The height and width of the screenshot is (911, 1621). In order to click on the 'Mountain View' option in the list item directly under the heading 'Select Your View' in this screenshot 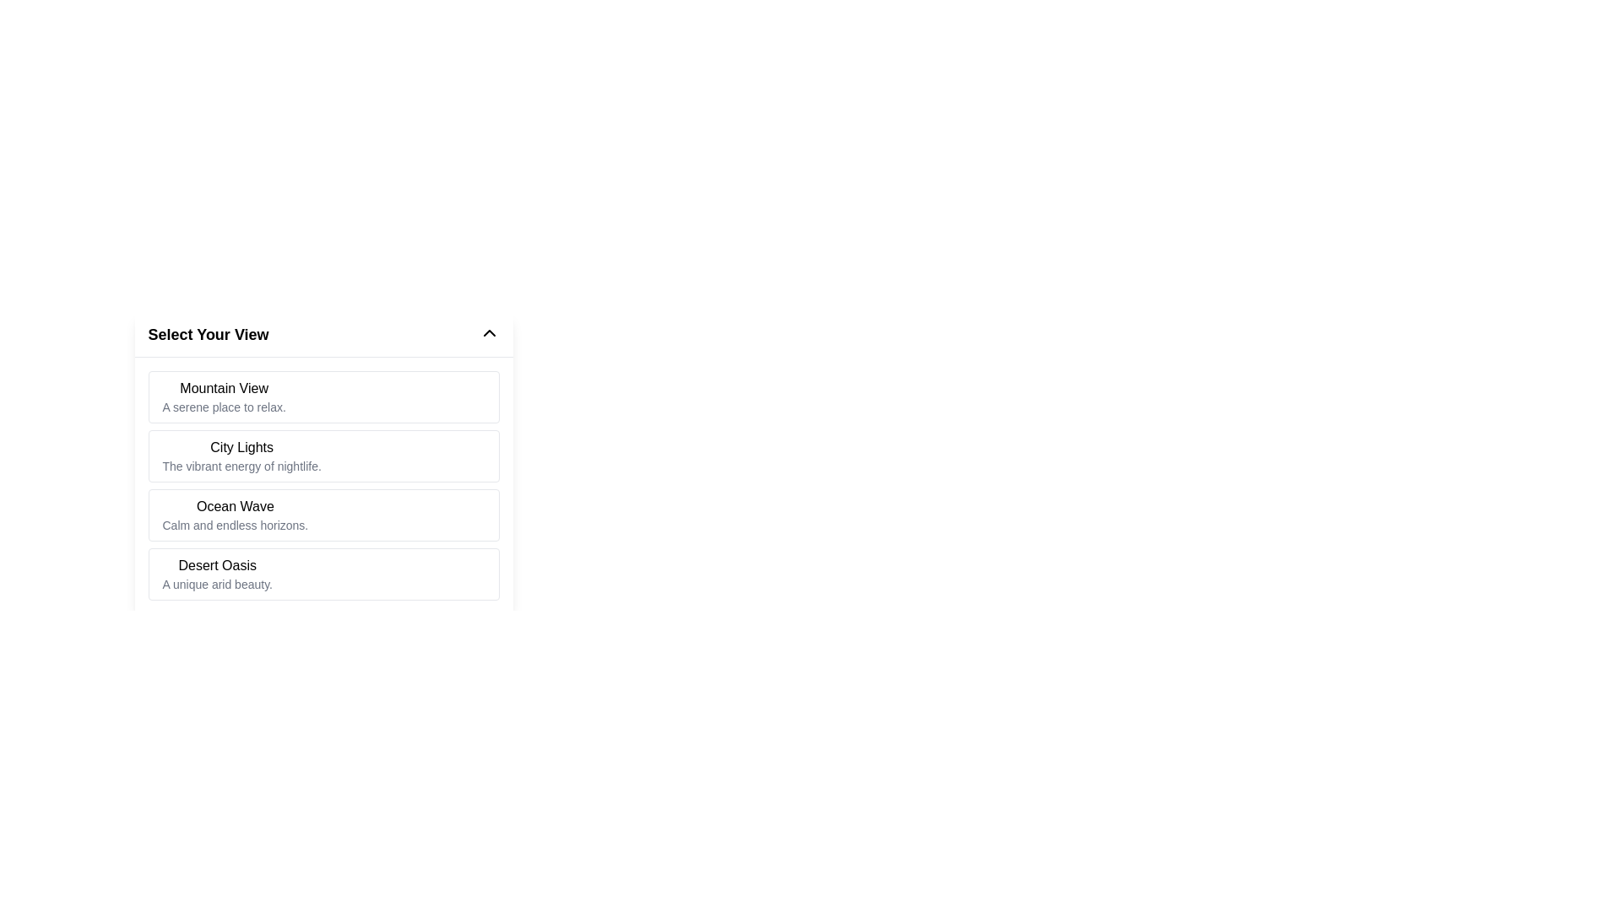, I will do `click(223, 396)`.